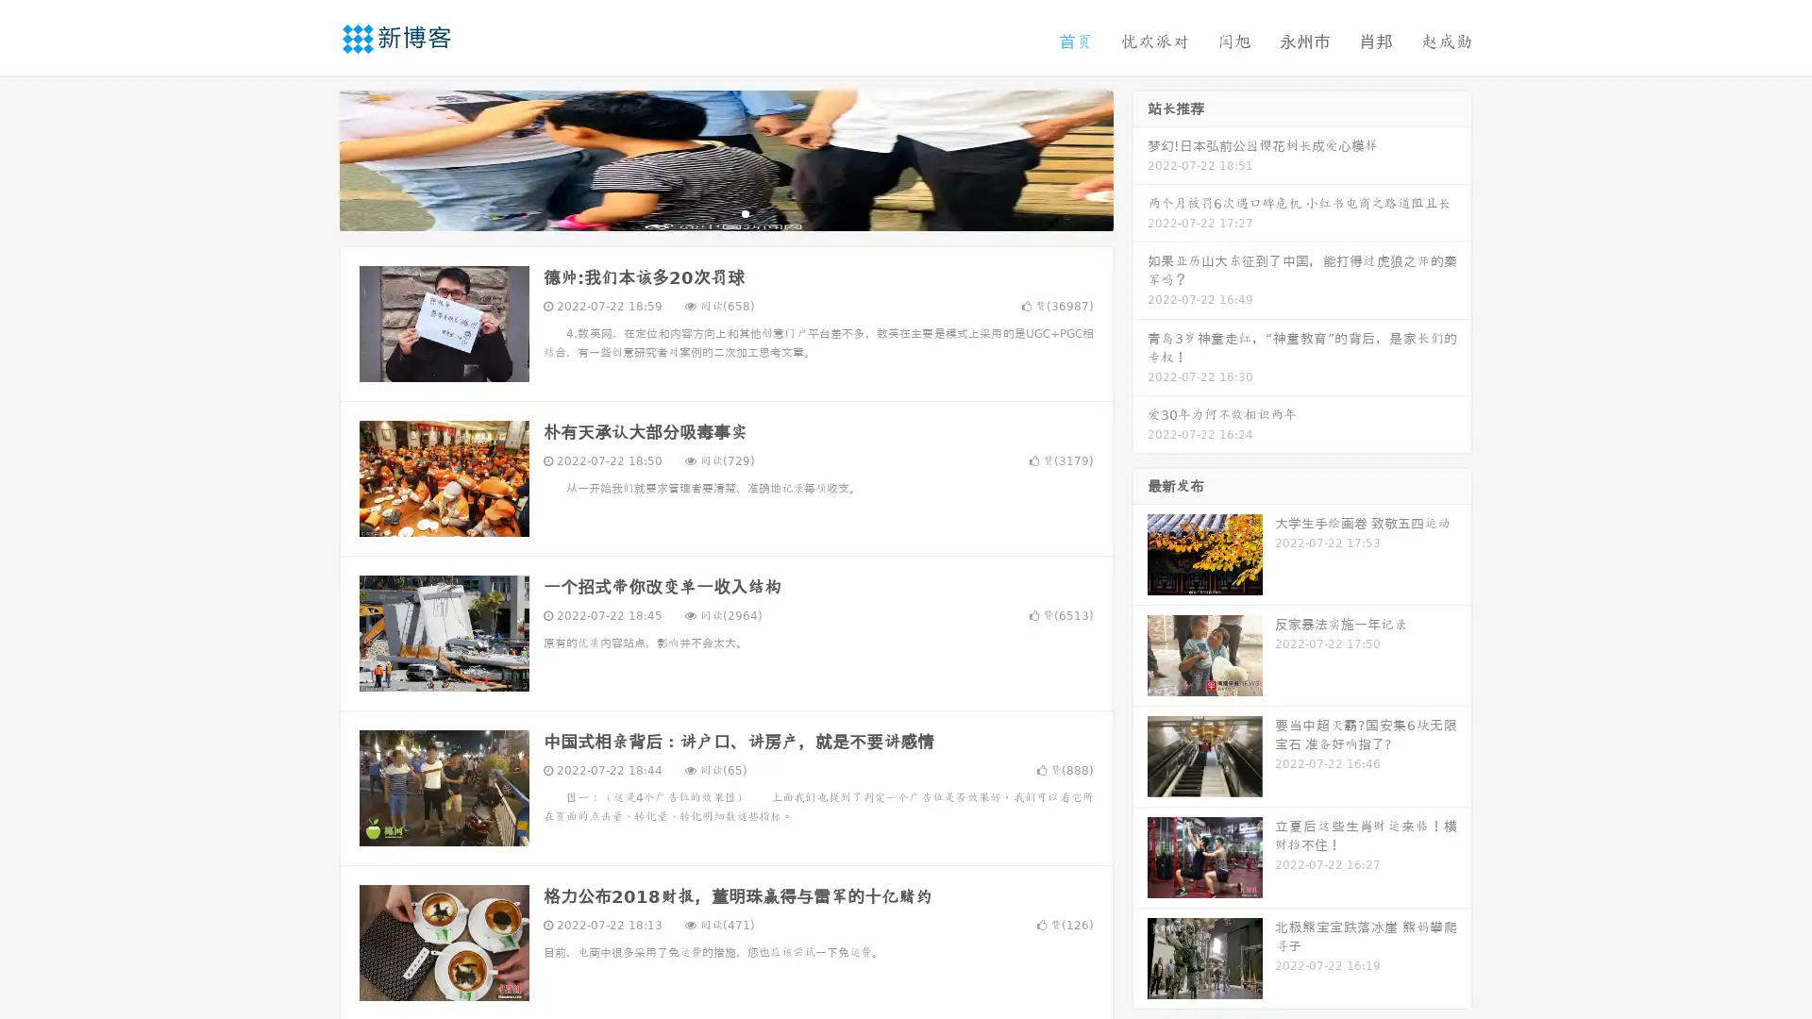 The height and width of the screenshot is (1019, 1812). Describe the element at coordinates (1140, 159) in the screenshot. I see `Next slide` at that location.